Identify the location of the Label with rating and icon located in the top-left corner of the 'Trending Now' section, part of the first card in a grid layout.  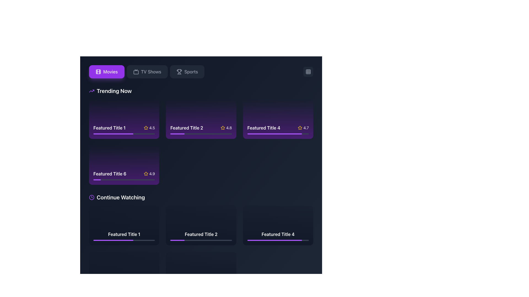
(124, 128).